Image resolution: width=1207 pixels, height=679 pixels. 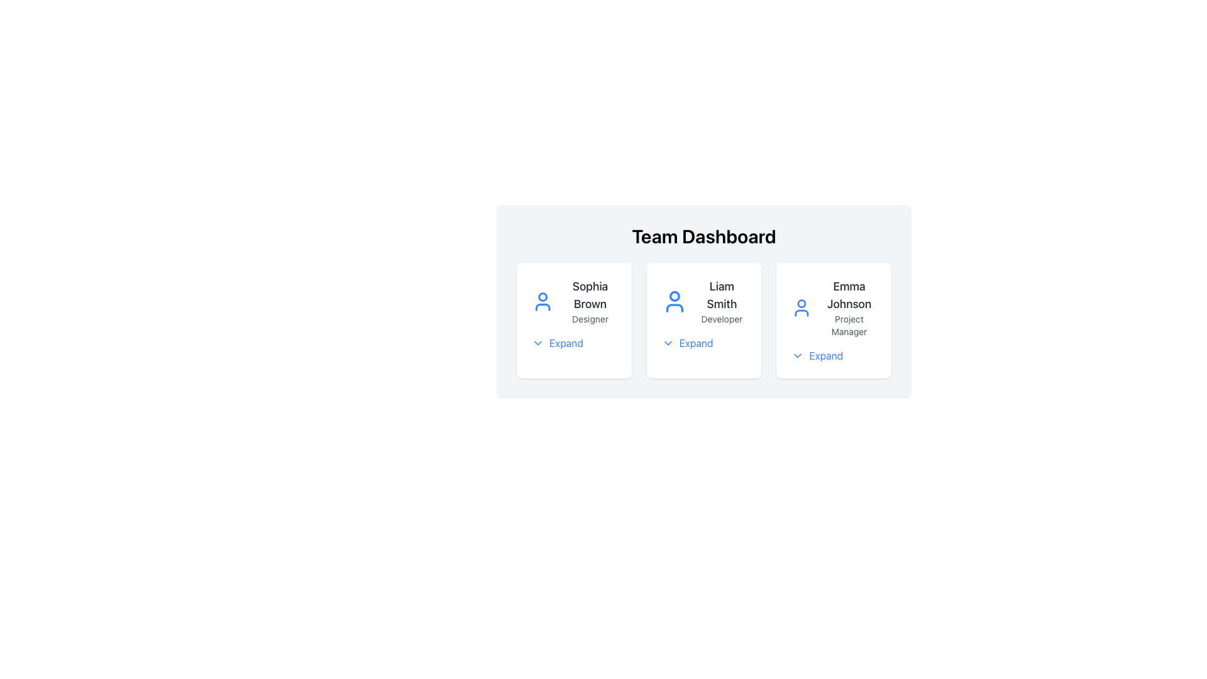 What do you see at coordinates (590, 319) in the screenshot?
I see `label displaying the text 'Designer' in gray font style, positioned below the name label 'Sophia Brown' within the card layout` at bounding box center [590, 319].